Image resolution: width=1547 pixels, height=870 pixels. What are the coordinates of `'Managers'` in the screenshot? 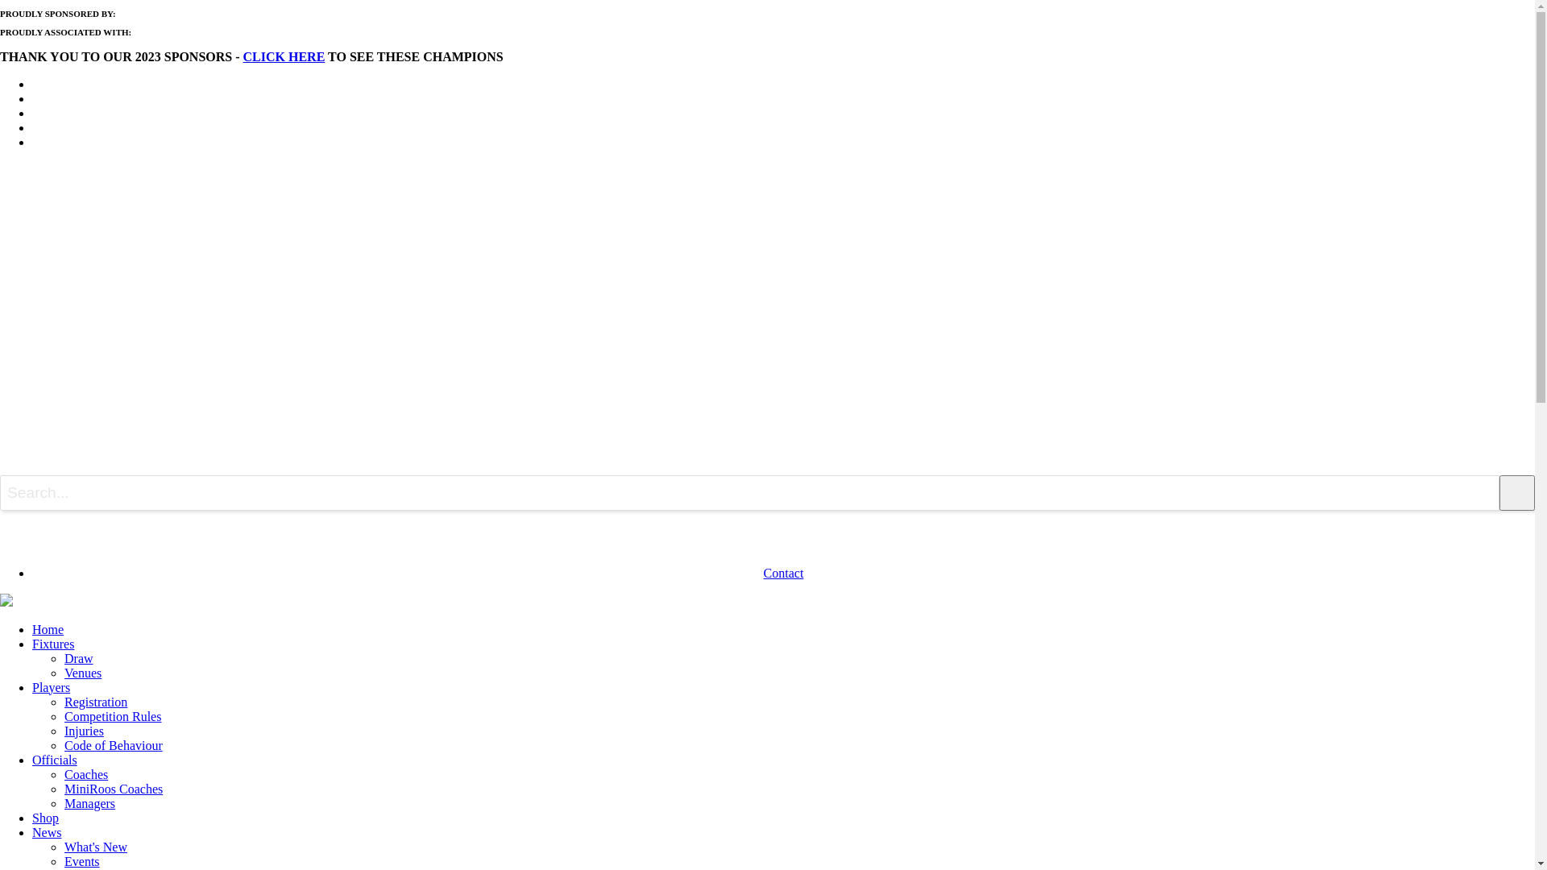 It's located at (89, 803).